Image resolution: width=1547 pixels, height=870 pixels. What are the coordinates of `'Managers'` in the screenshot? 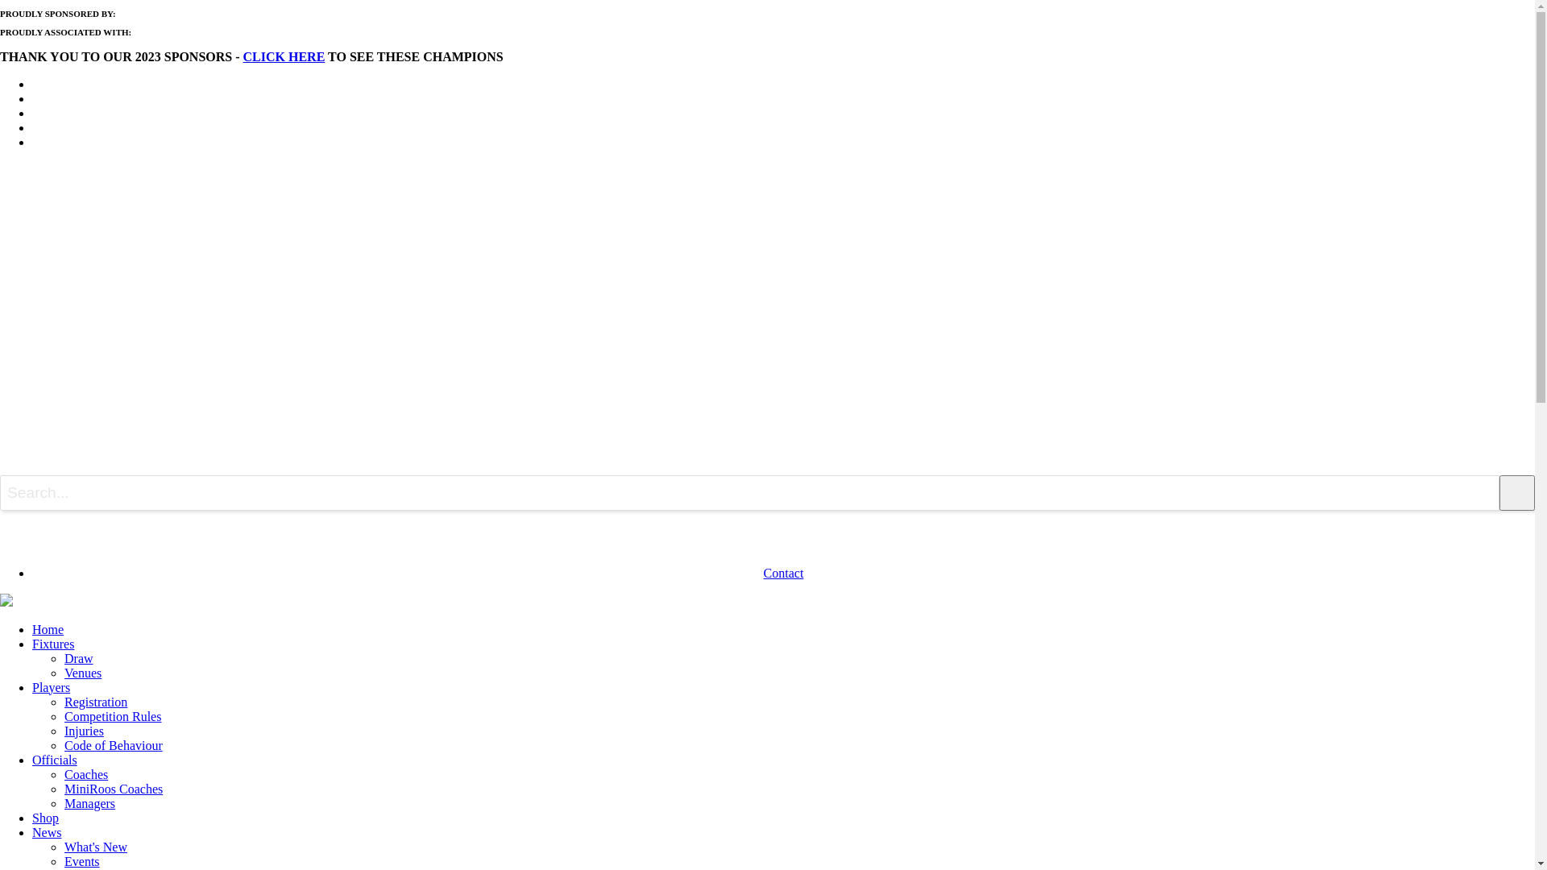 It's located at (89, 803).